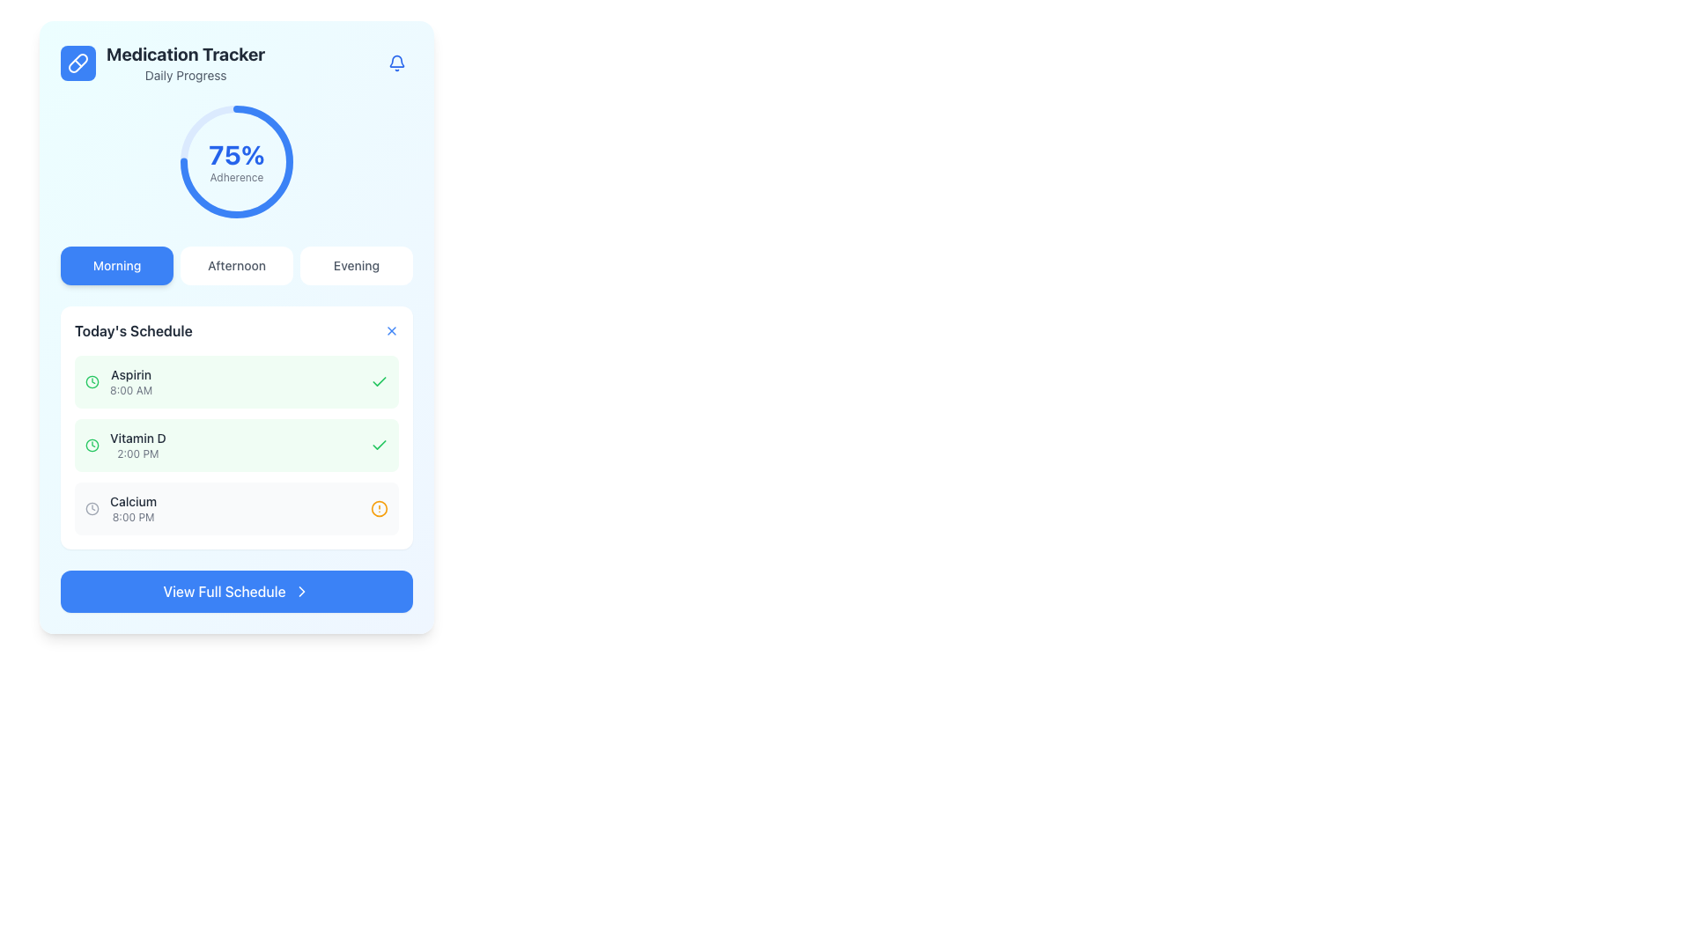 The width and height of the screenshot is (1691, 951). I want to click on the text display element showing 'Aspirin' and '8:00 AM' in the medication tracker interface, located at the top of 'Today's Schedule', so click(130, 381).